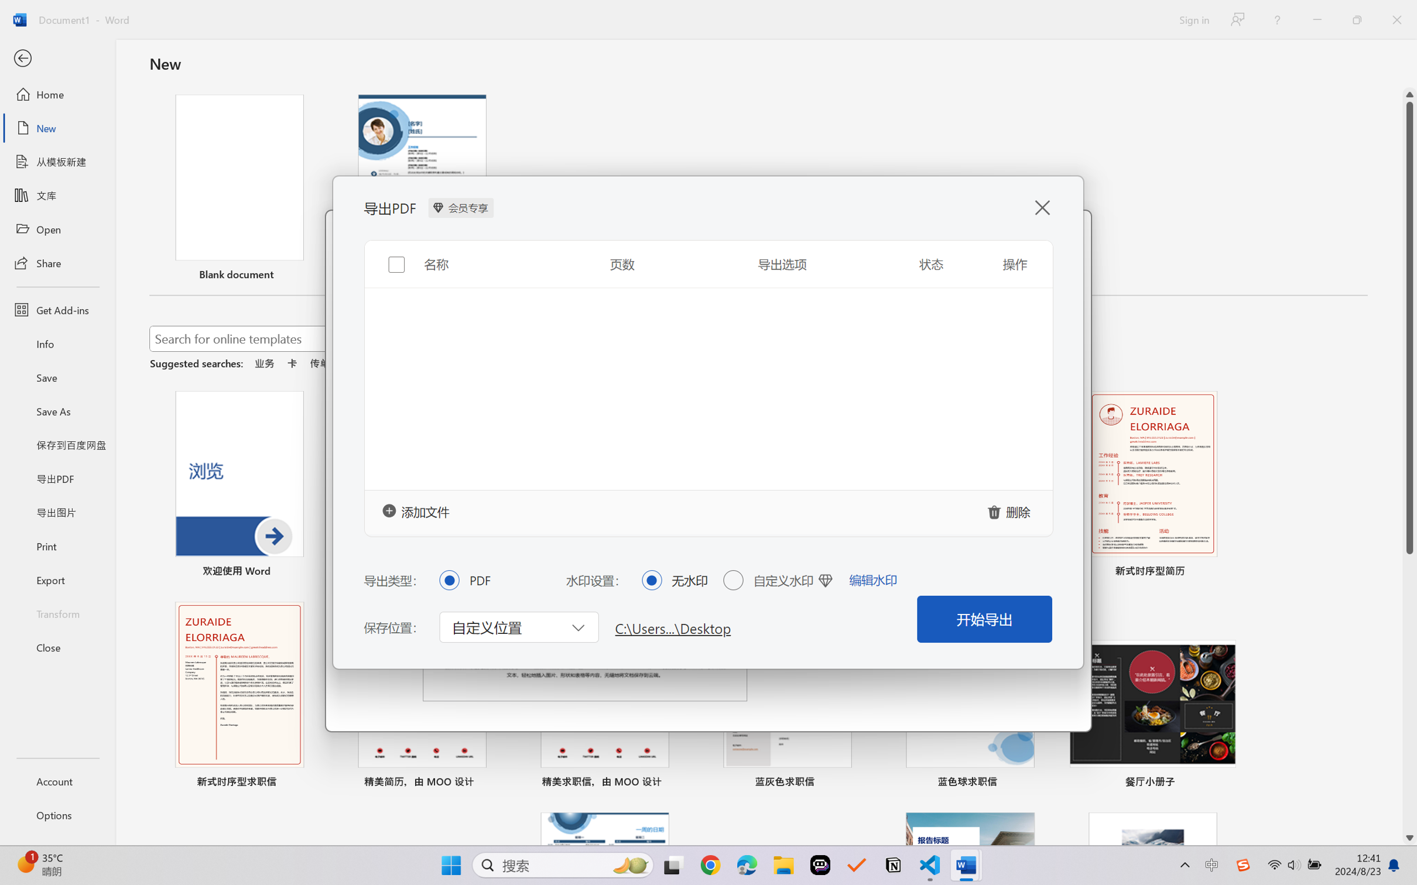 This screenshot has height=885, width=1417. Describe the element at coordinates (57, 781) in the screenshot. I see `'Account'` at that location.